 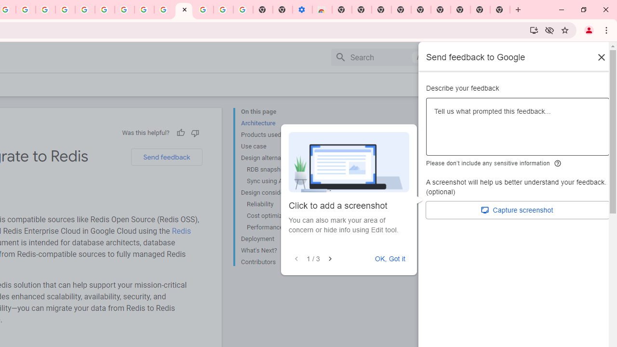 What do you see at coordinates (390, 258) in the screenshot?
I see `'OK, Got it'` at bounding box center [390, 258].